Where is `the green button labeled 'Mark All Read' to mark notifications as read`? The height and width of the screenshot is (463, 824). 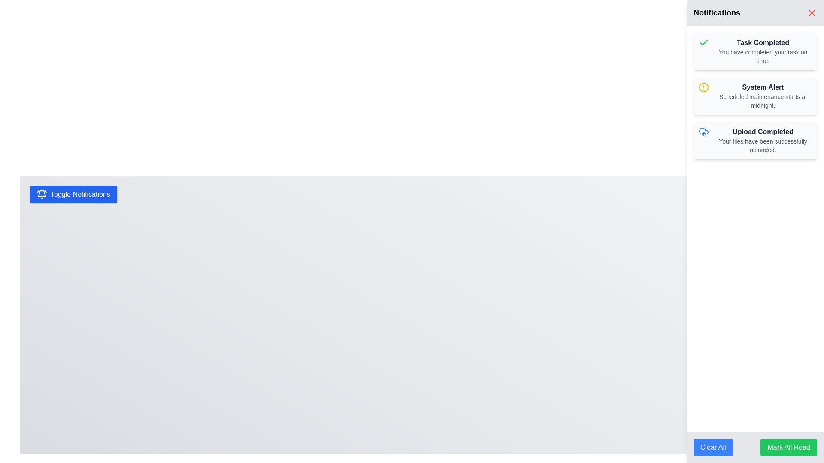
the green button labeled 'Mark All Read' to mark notifications as read is located at coordinates (789, 447).